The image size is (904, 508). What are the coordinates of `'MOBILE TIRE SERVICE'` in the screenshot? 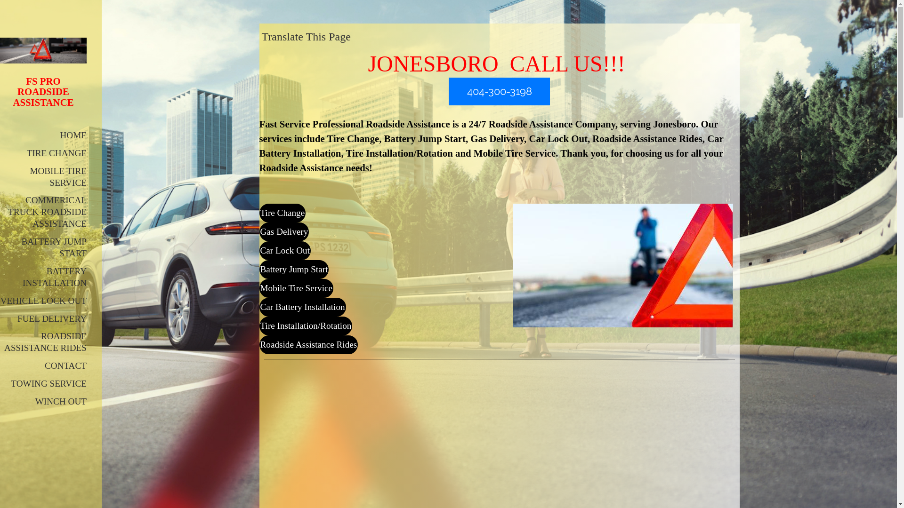 It's located at (57, 176).